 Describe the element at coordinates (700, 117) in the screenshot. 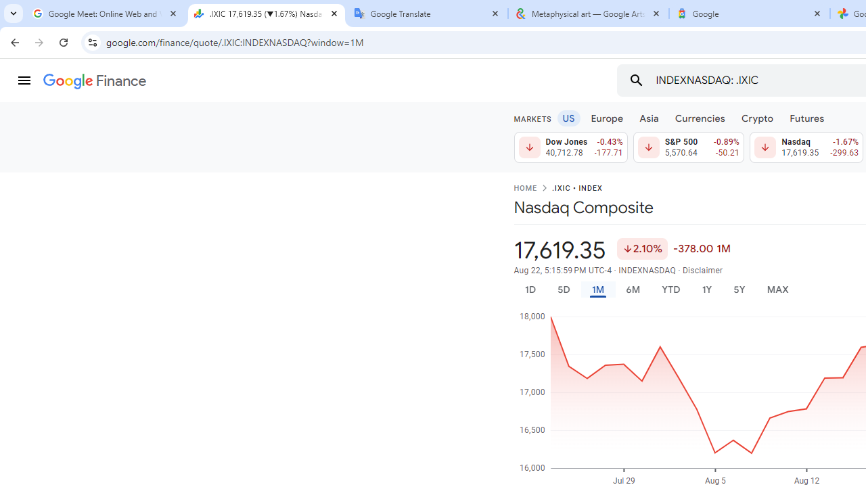

I see `'Currencies'` at that location.